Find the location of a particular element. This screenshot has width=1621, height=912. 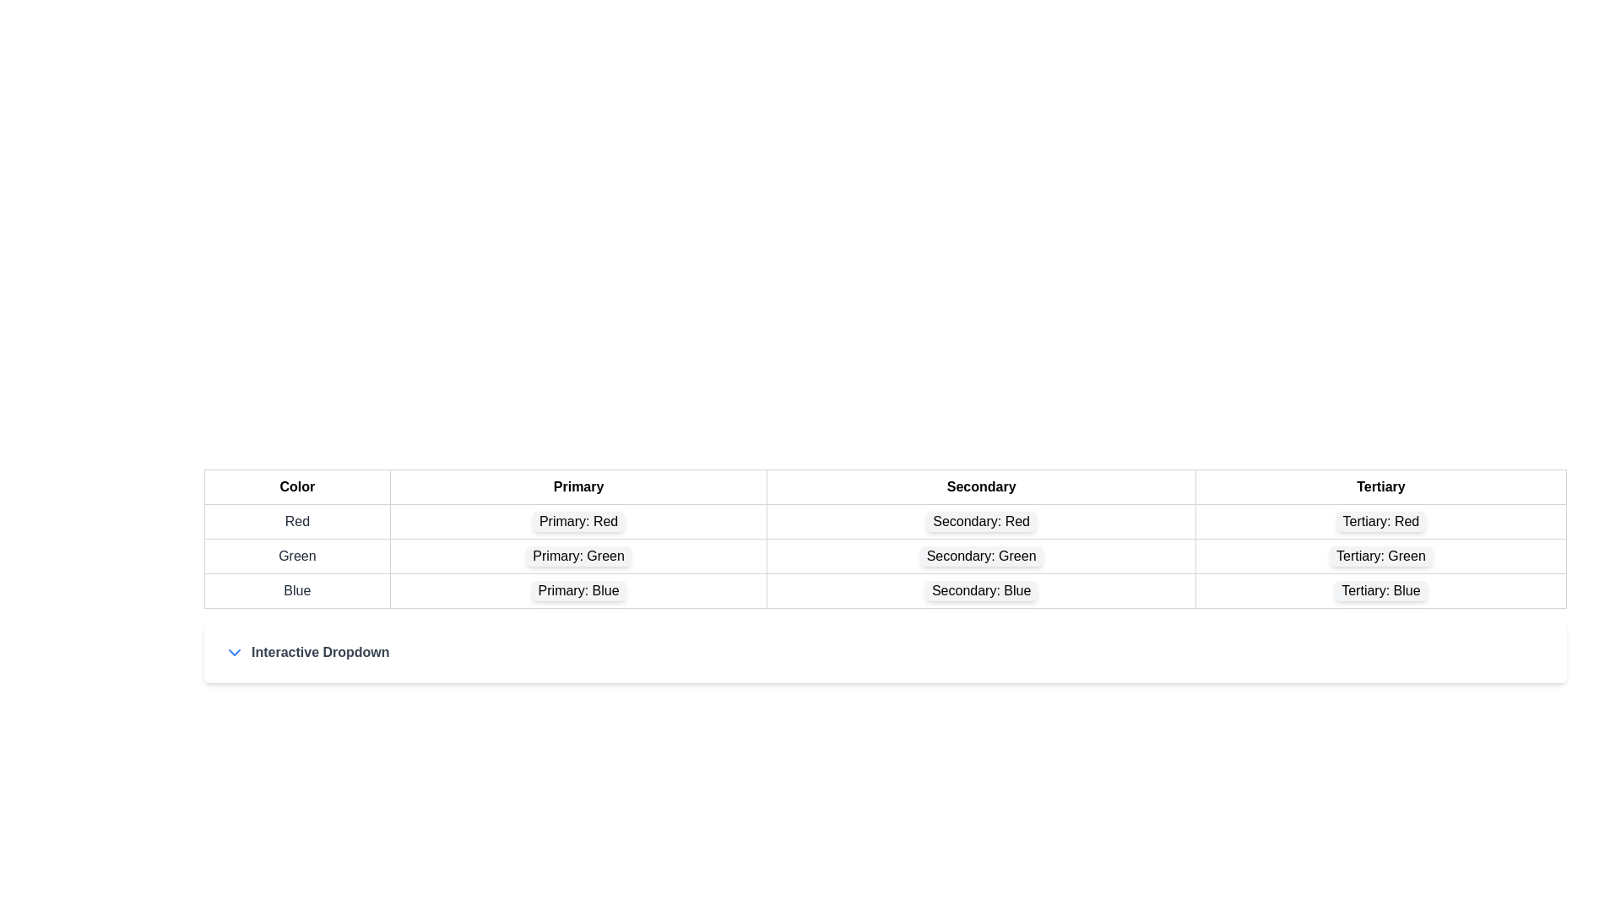

the text label that reads 'Secondary: Green' is located at coordinates (885, 556).